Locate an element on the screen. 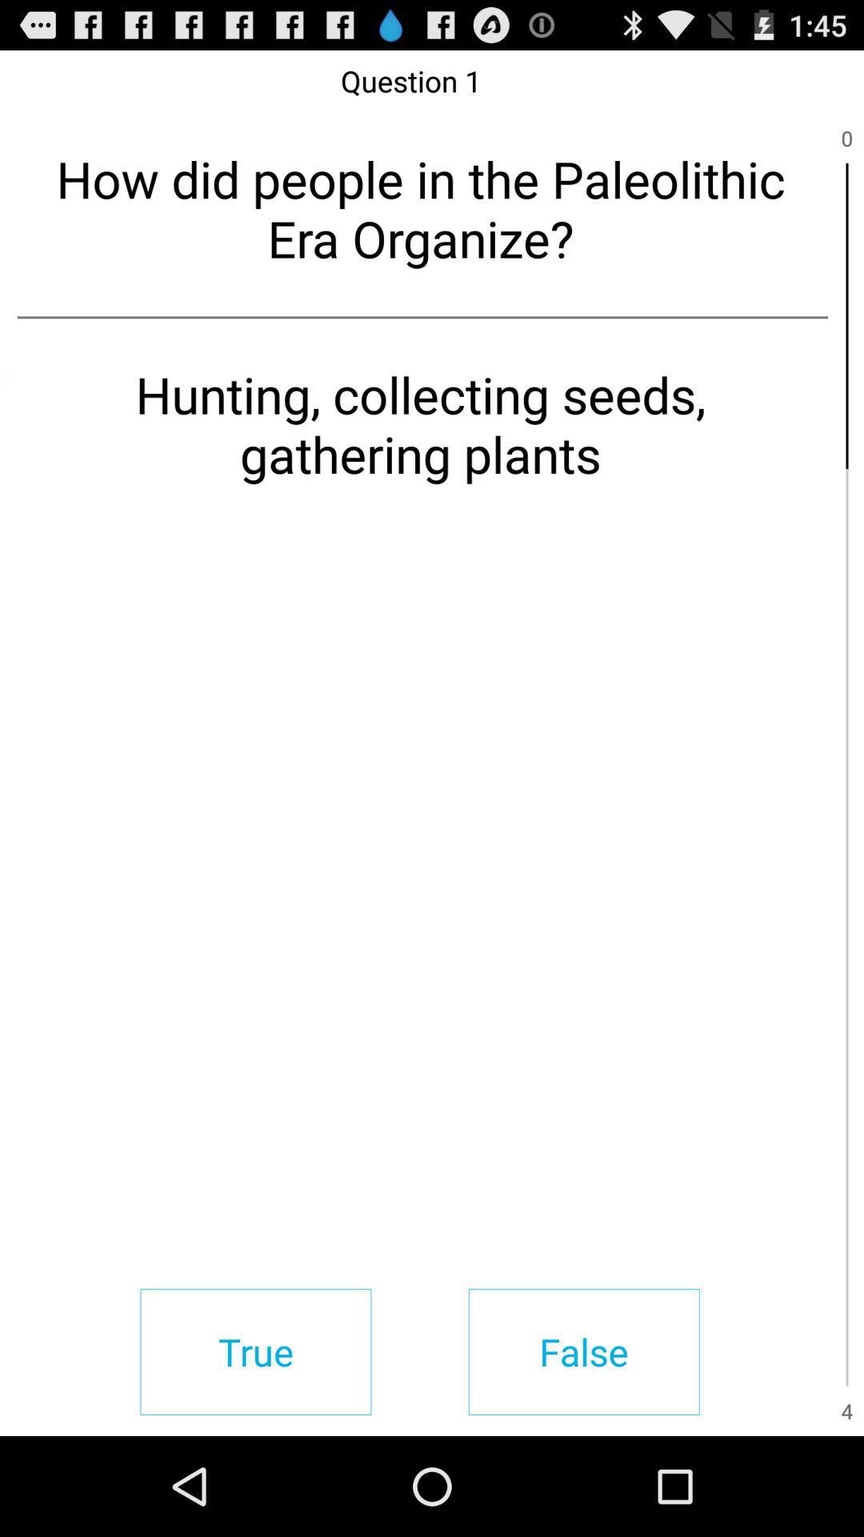  icon next to true item is located at coordinates (584, 1351).